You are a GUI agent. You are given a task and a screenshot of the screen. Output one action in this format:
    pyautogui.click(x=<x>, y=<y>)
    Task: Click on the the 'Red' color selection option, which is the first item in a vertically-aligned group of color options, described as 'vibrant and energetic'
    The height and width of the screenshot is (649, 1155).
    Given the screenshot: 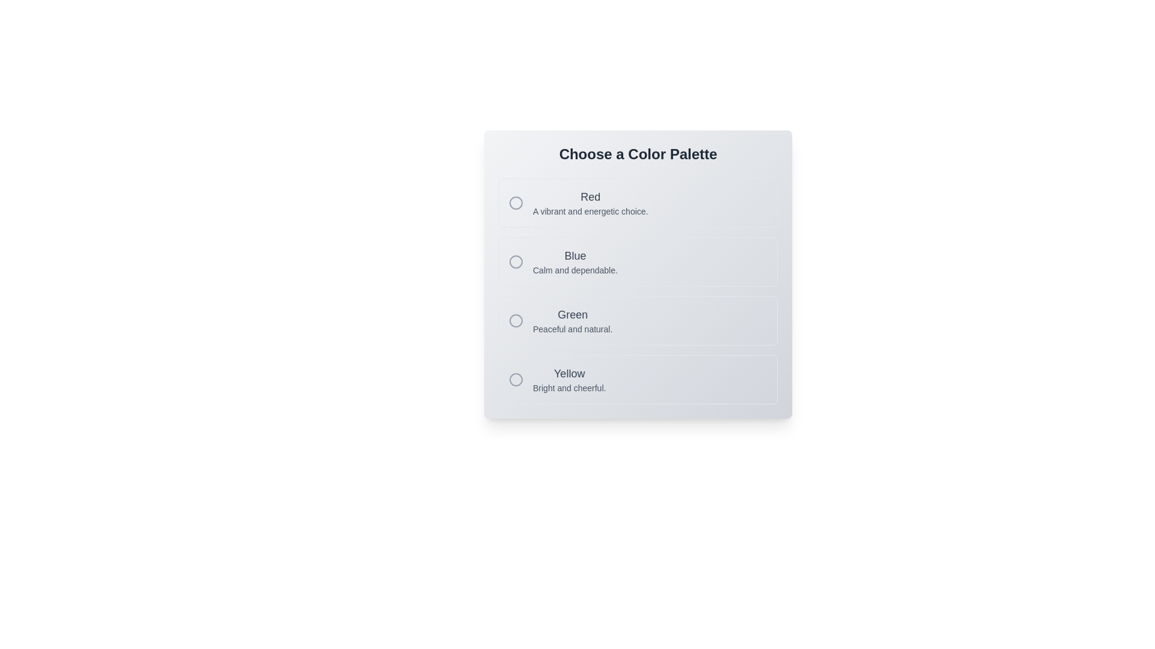 What is the action you would take?
    pyautogui.click(x=637, y=203)
    